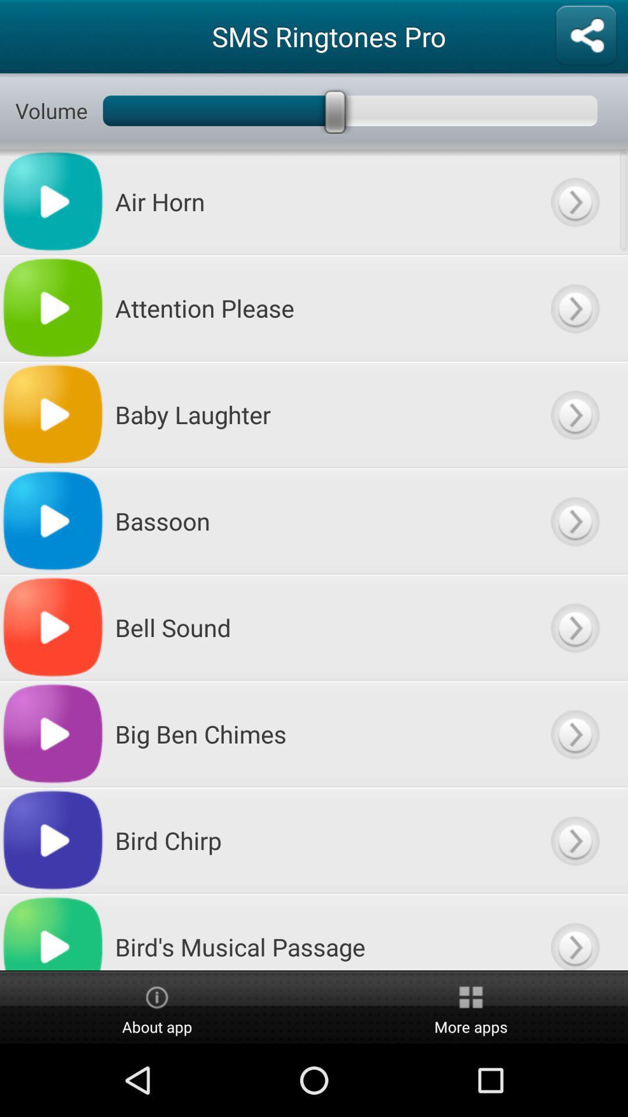 This screenshot has width=628, height=1117. Describe the element at coordinates (574, 627) in the screenshot. I see `open item` at that location.